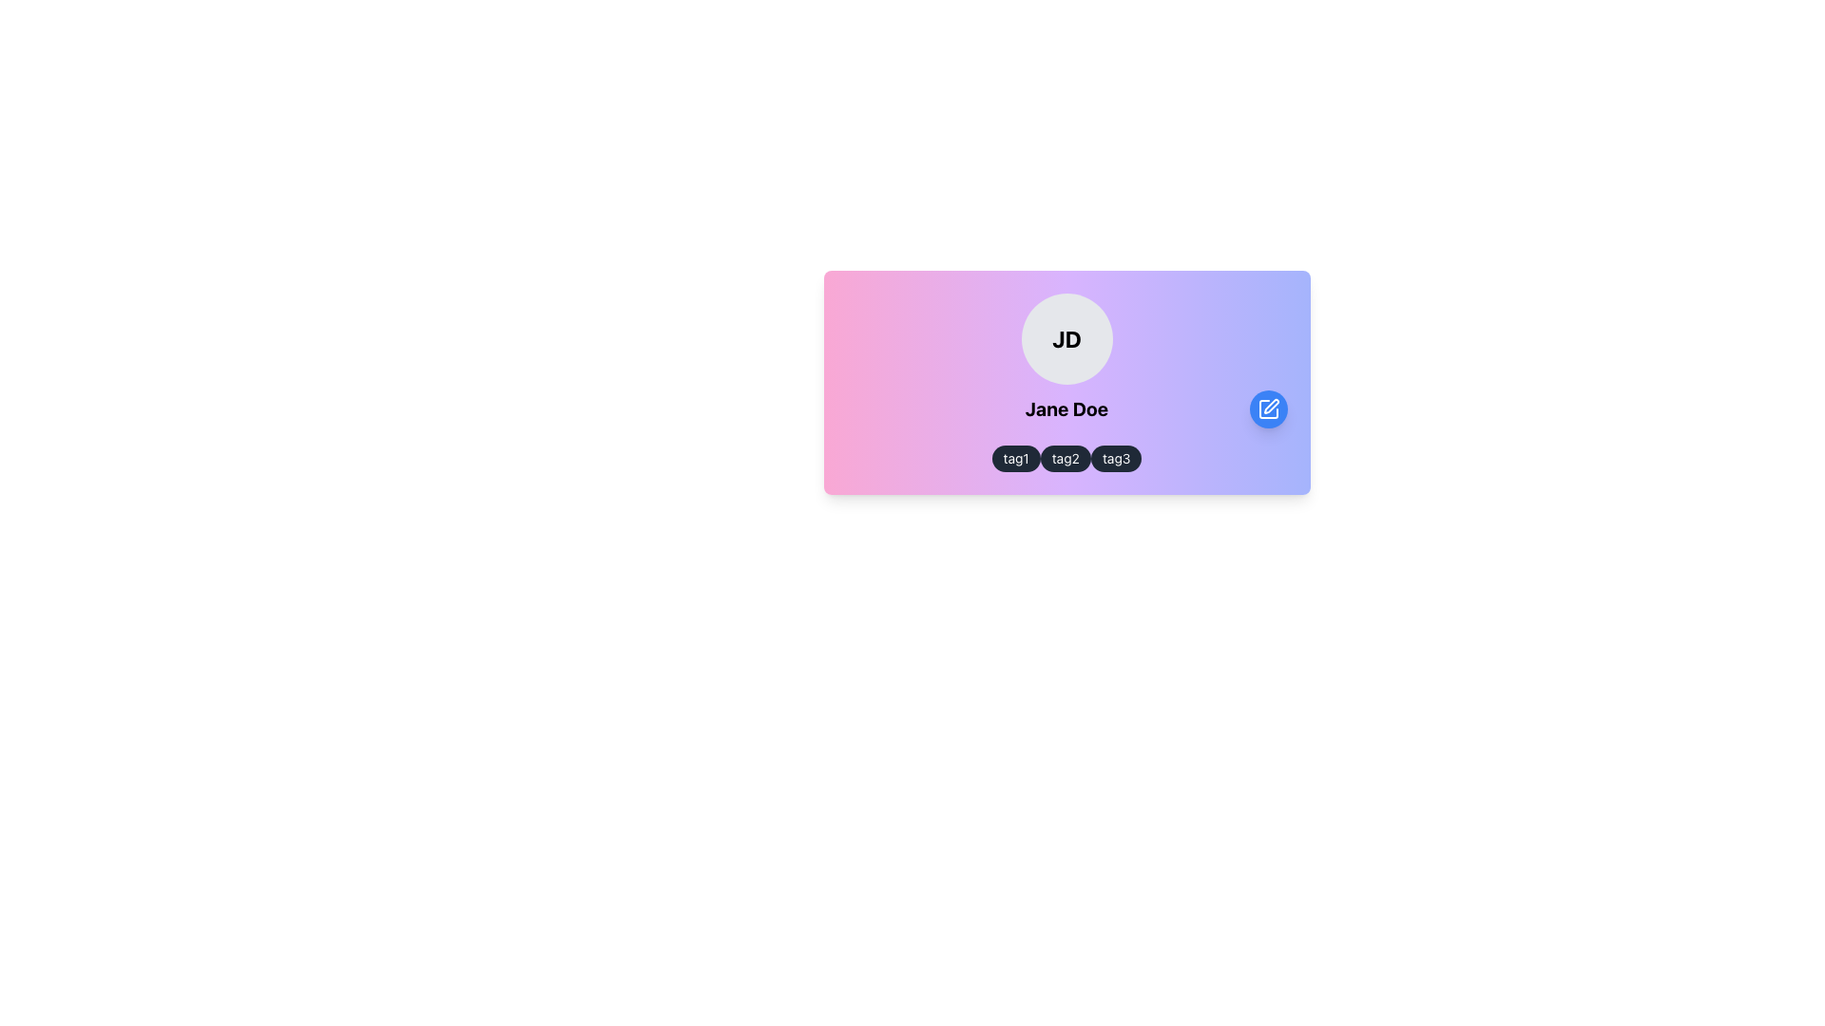 This screenshot has width=1825, height=1026. Describe the element at coordinates (1271, 406) in the screenshot. I see `the pen icon within the blue circular button located at the top-right corner of the user card` at that location.